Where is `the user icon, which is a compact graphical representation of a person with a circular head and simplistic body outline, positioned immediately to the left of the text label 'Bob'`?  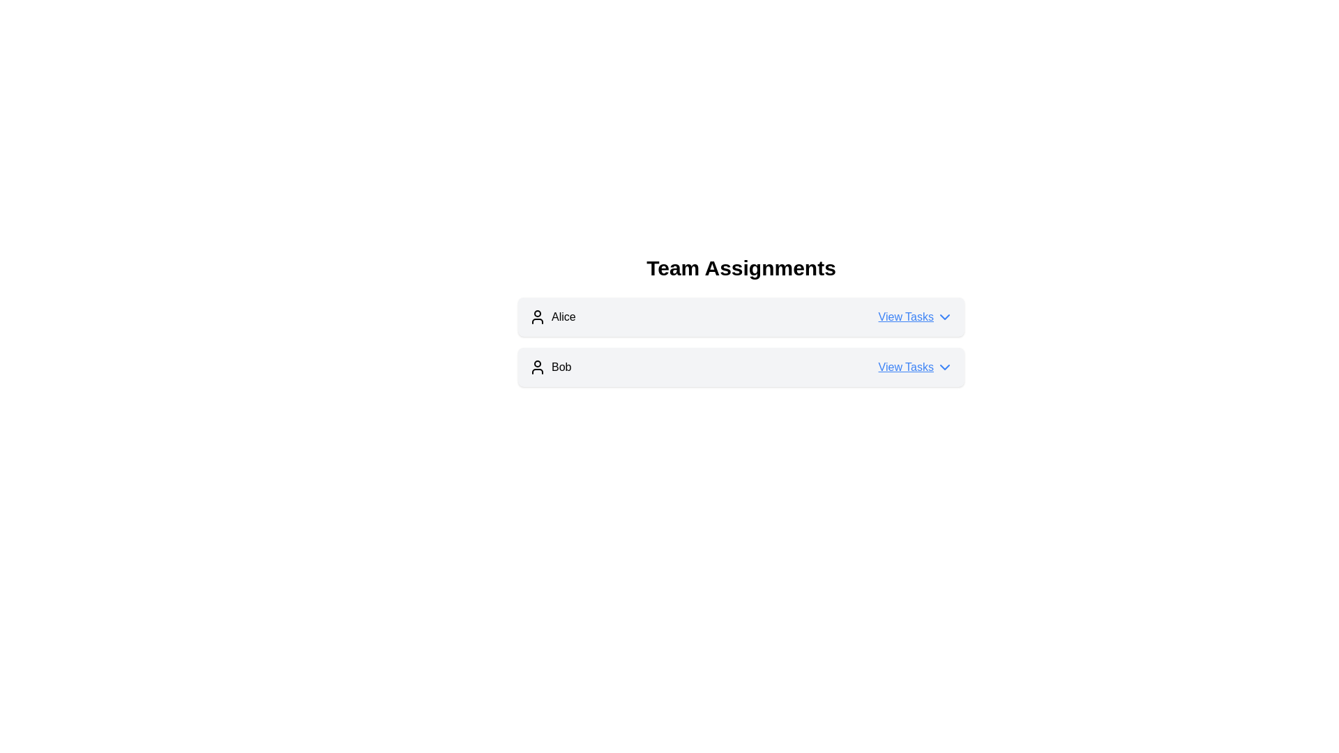 the user icon, which is a compact graphical representation of a person with a circular head and simplistic body outline, positioned immediately to the left of the text label 'Bob' is located at coordinates (537, 367).